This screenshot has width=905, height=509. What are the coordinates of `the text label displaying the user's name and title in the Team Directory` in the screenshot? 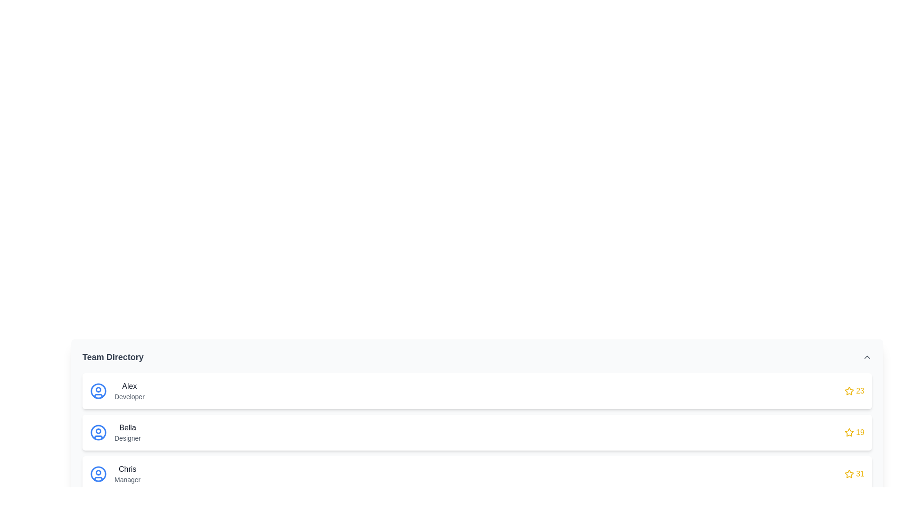 It's located at (127, 433).